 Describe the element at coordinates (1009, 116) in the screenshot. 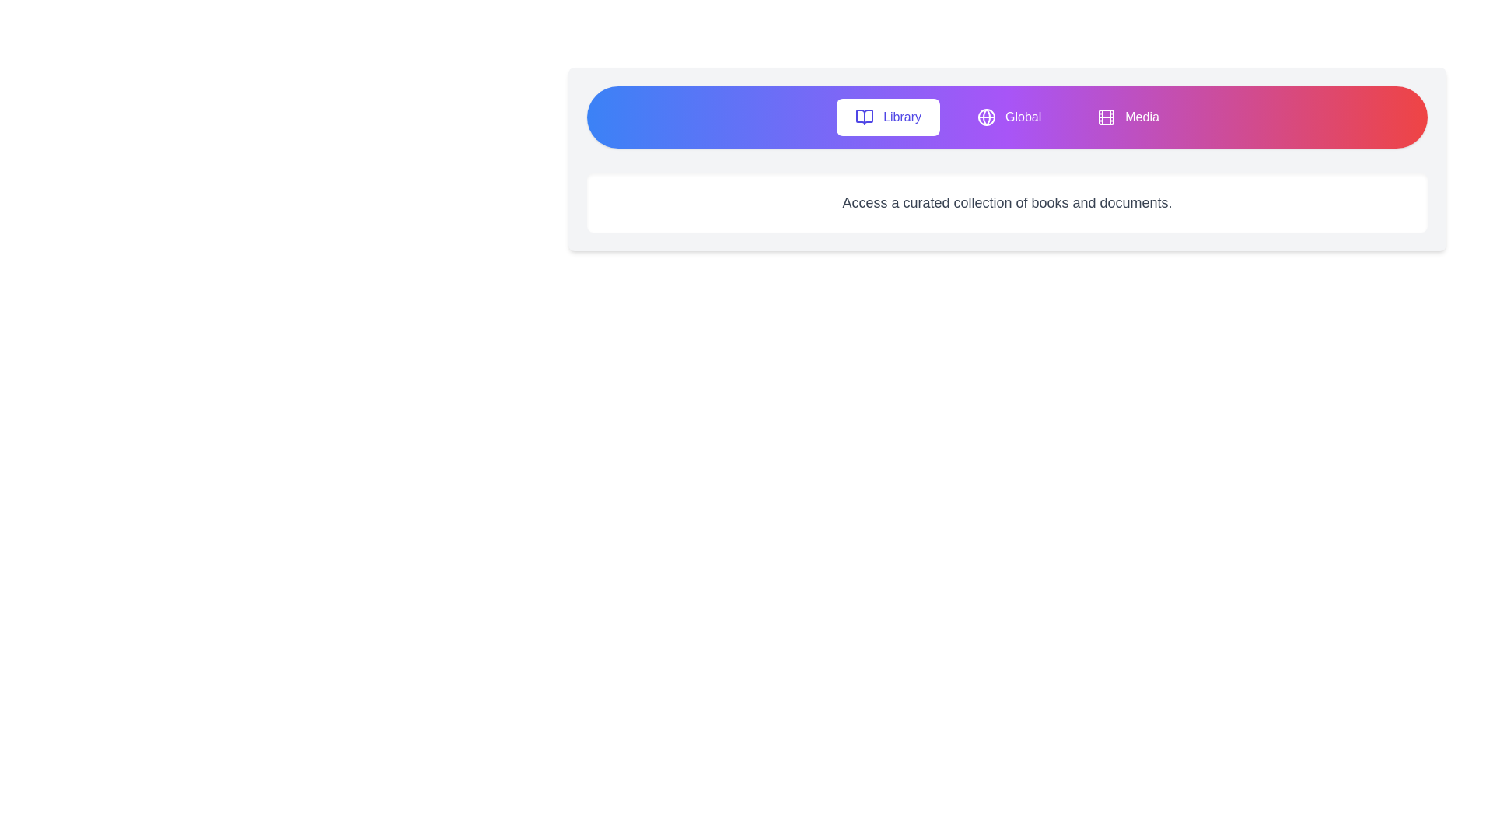

I see `the Global tab button to switch to the corresponding tab` at that location.